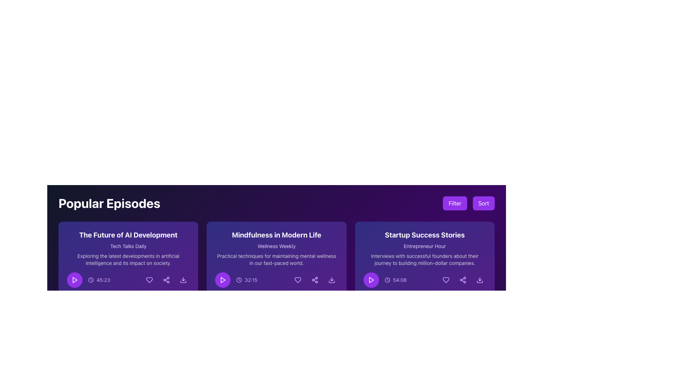 Image resolution: width=677 pixels, height=380 pixels. What do you see at coordinates (276, 235) in the screenshot?
I see `text label that says 'Mindfulness in Modern Life.' This label is prominently styled with large, bold, white lettering on a purple background, positioned center-right above 'Wellness Weekly.'` at bounding box center [276, 235].